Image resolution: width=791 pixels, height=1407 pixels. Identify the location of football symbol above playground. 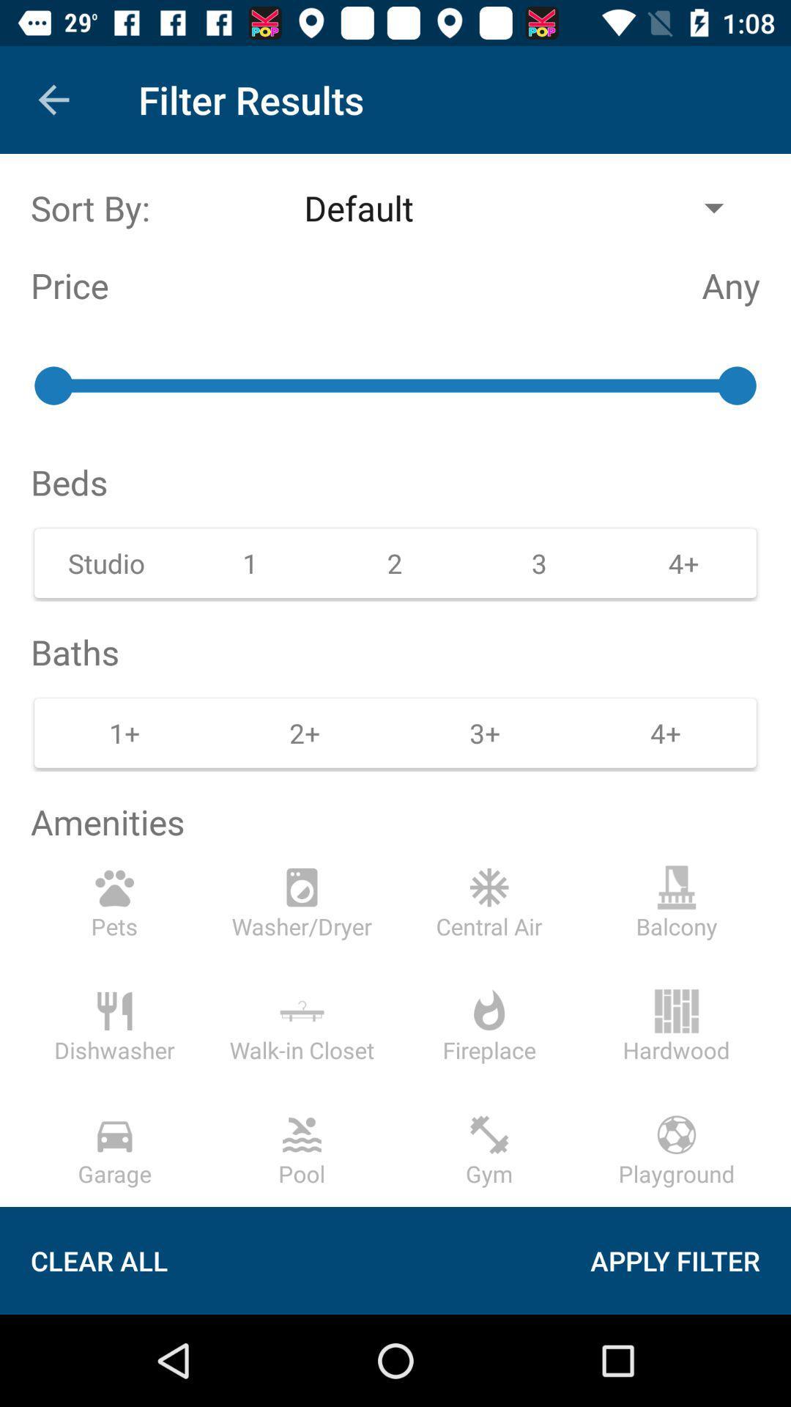
(677, 1134).